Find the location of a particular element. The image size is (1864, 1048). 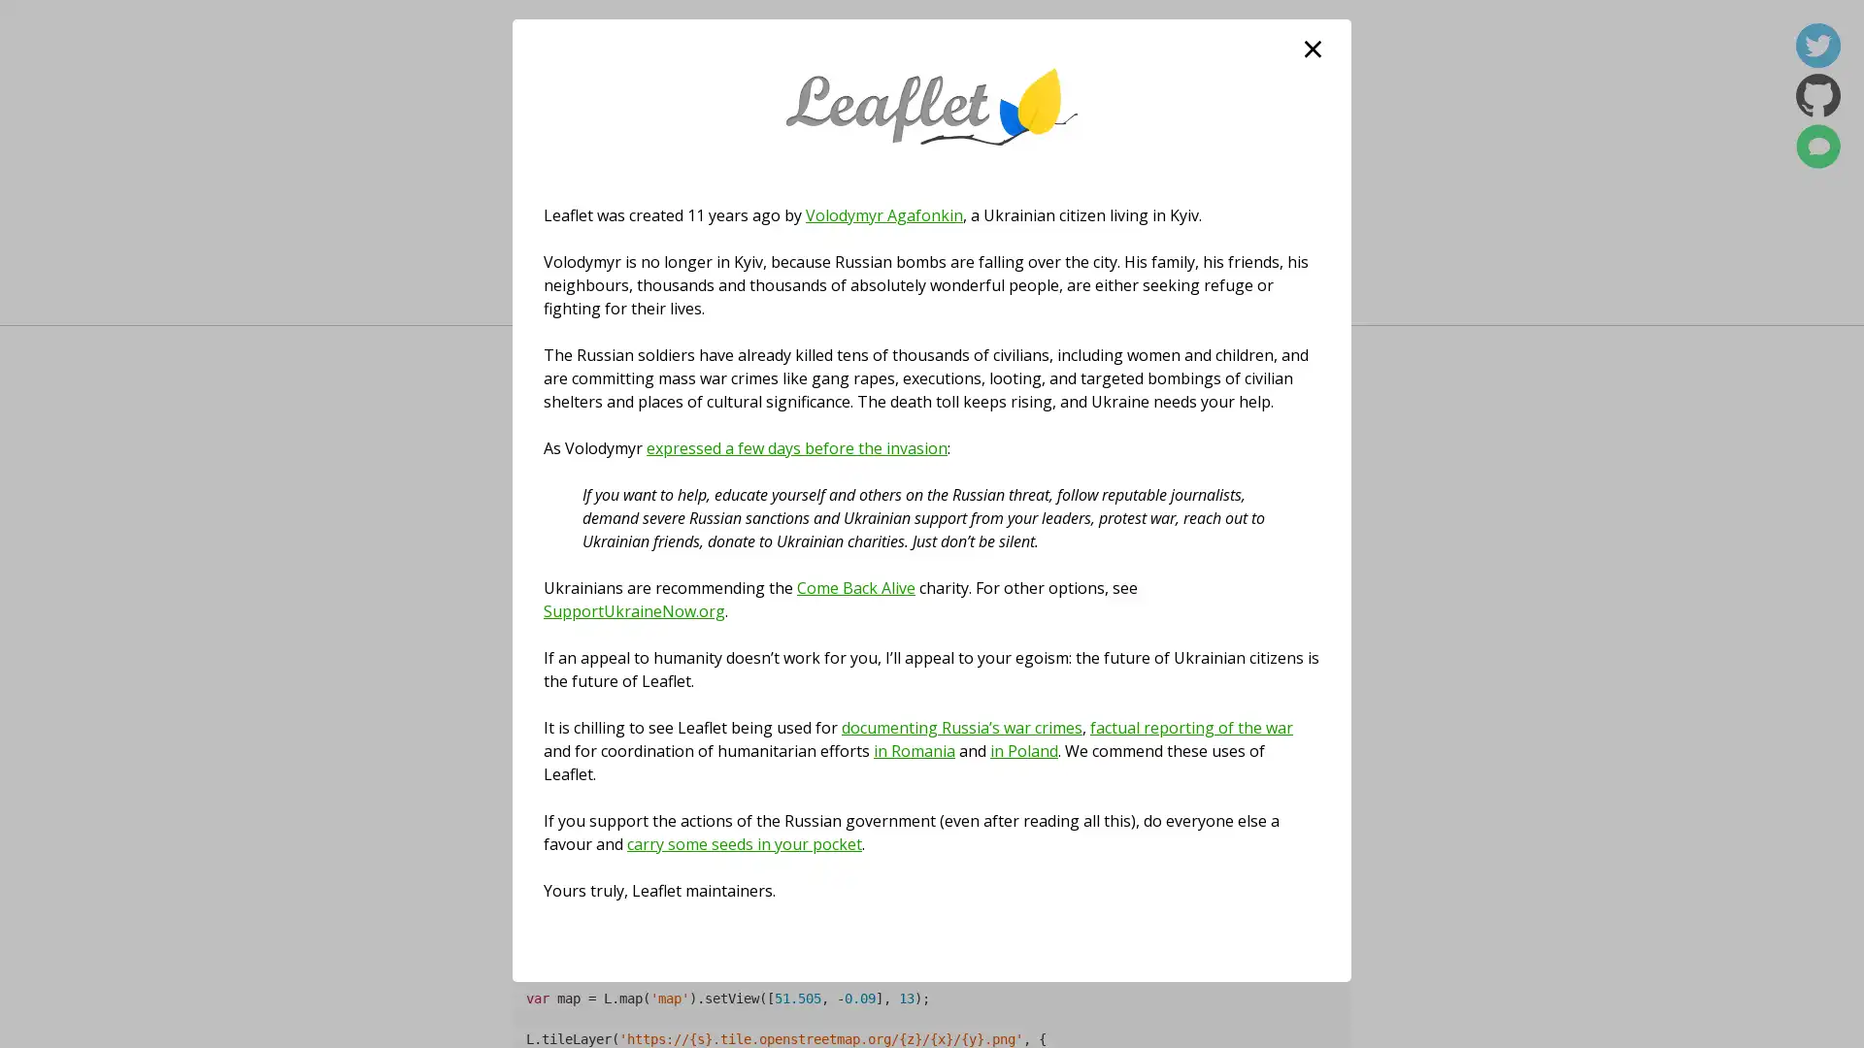

Close popup is located at coordinates (1010, 687).